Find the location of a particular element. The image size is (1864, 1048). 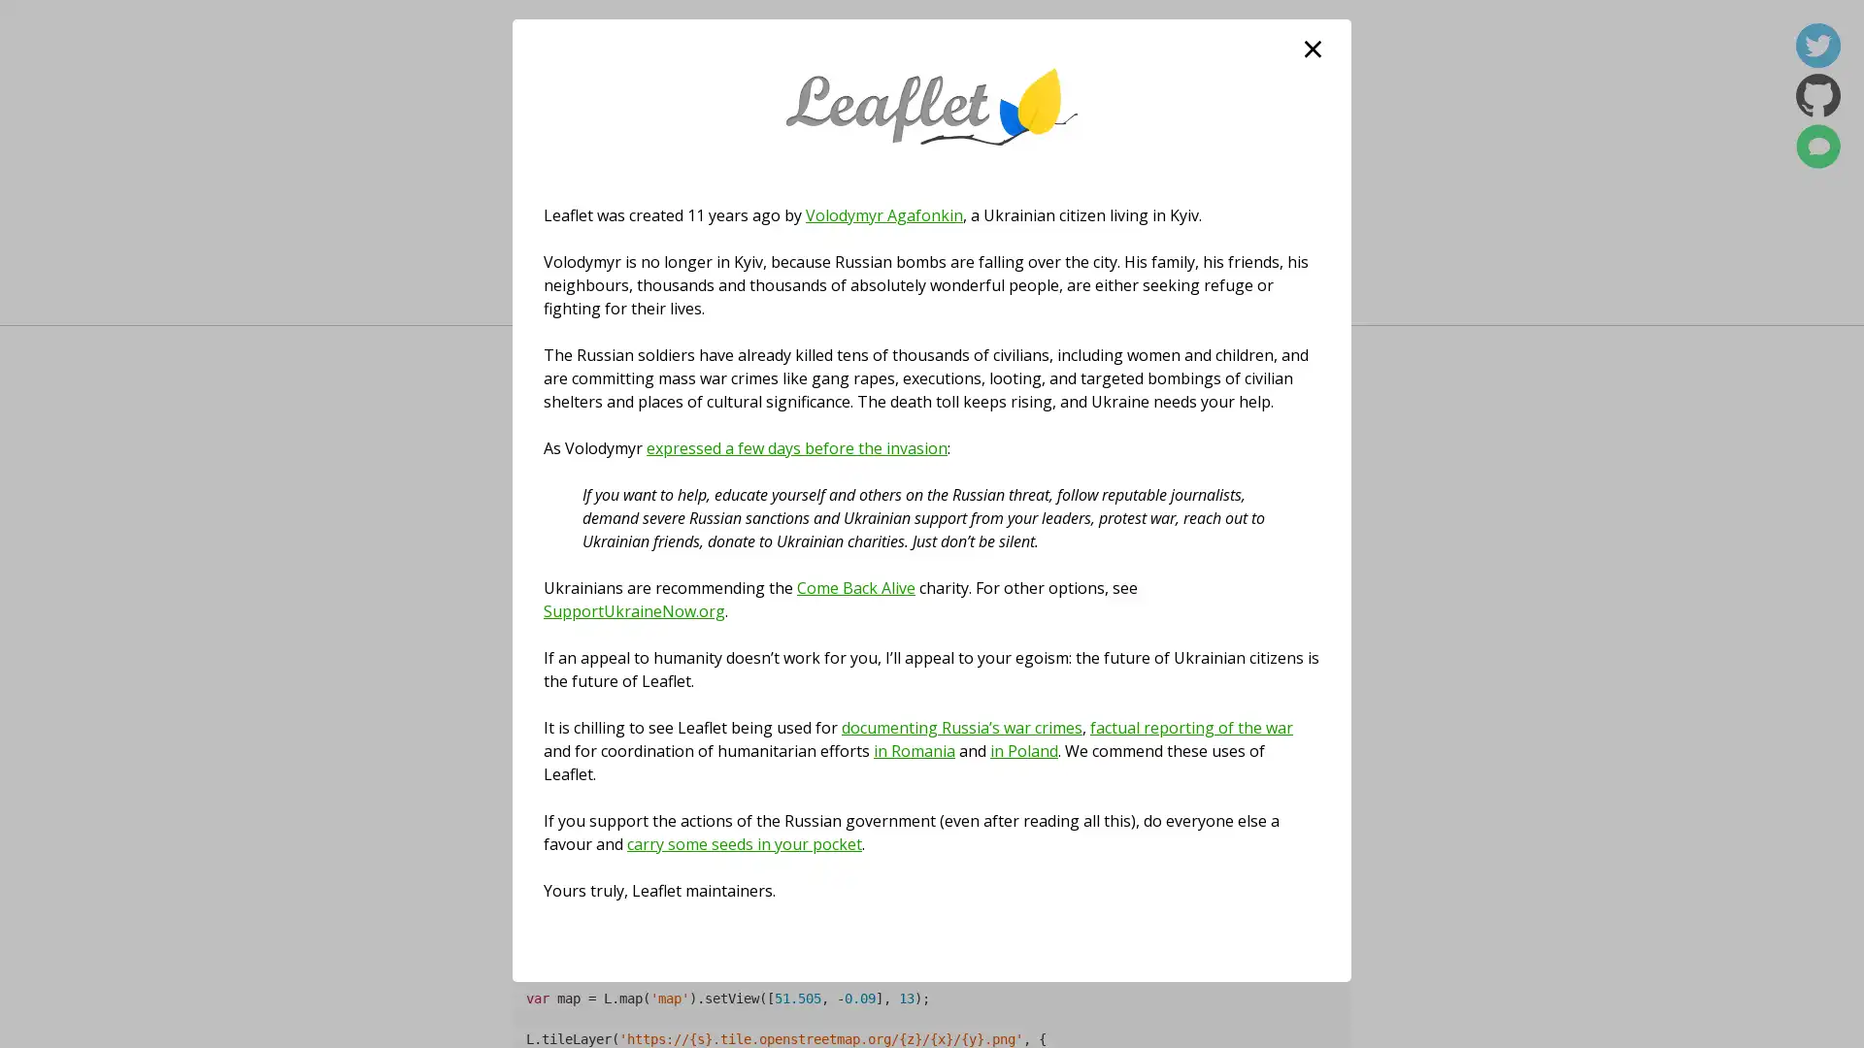

Close popup is located at coordinates (1010, 687).